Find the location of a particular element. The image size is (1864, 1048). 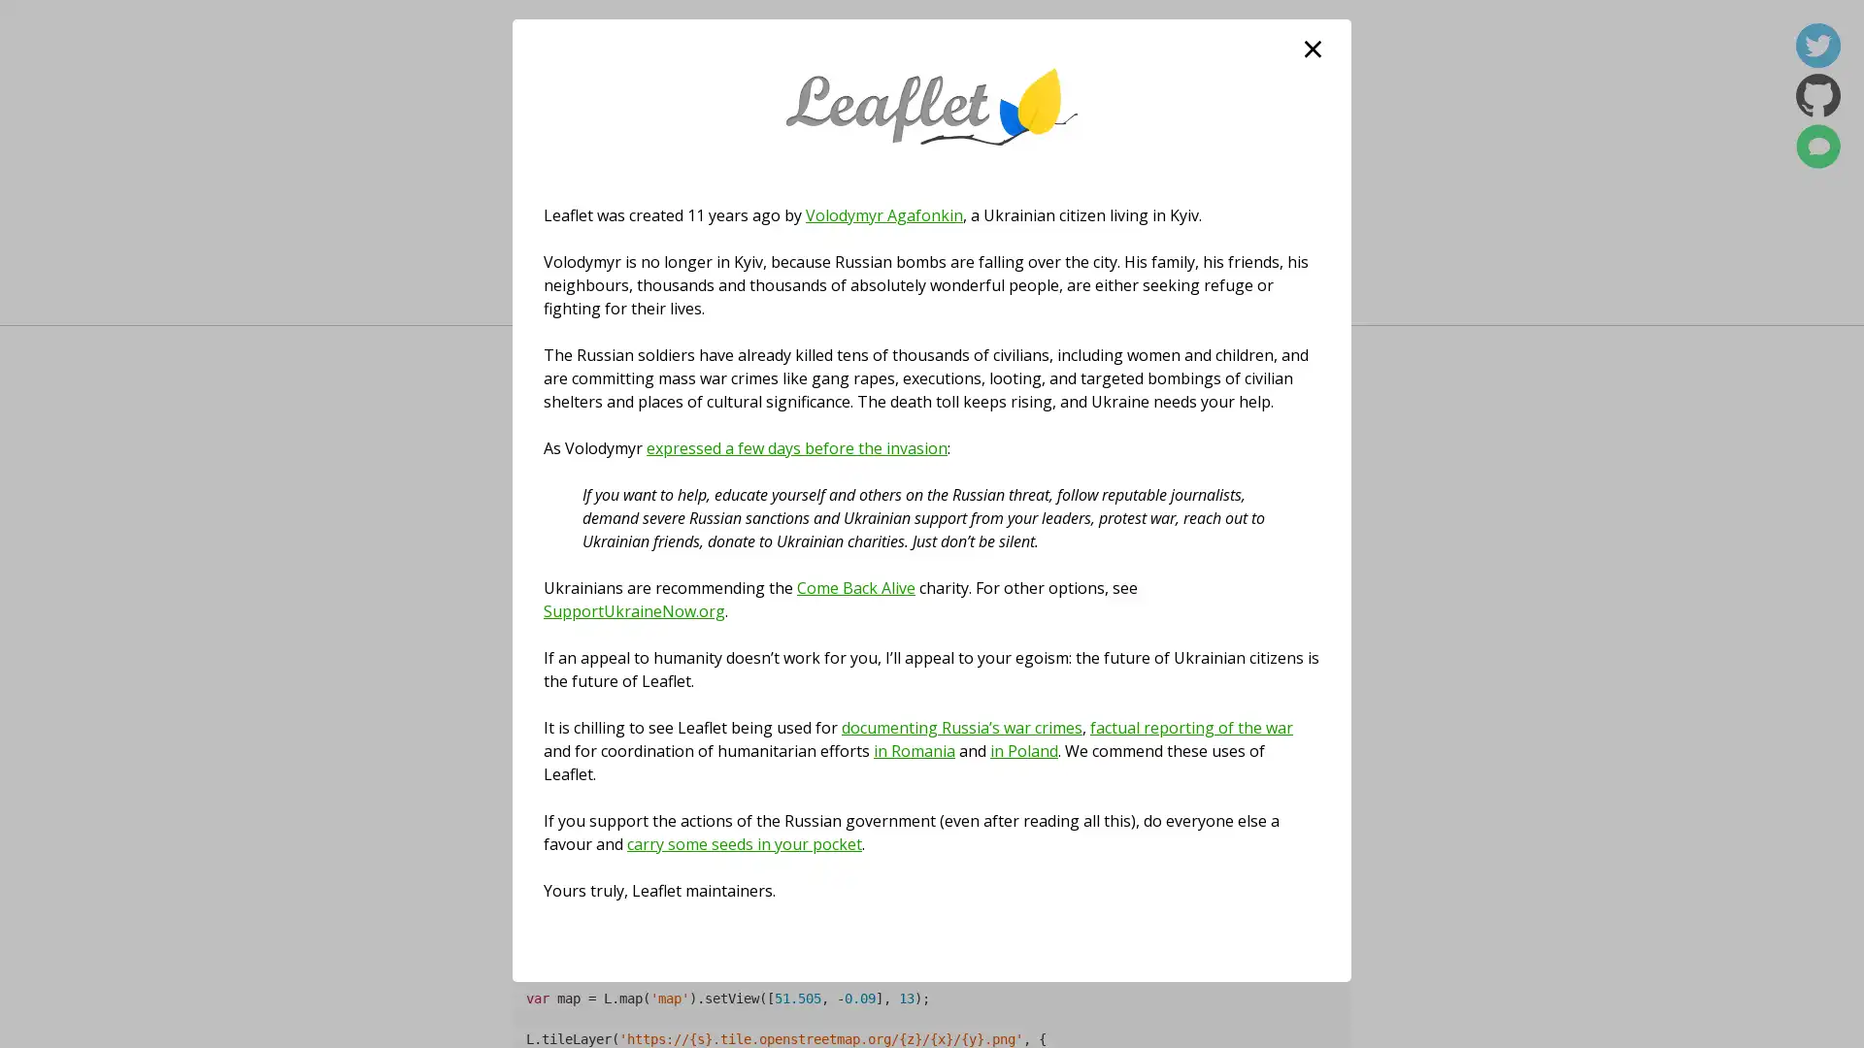

Close popup is located at coordinates (1010, 687).